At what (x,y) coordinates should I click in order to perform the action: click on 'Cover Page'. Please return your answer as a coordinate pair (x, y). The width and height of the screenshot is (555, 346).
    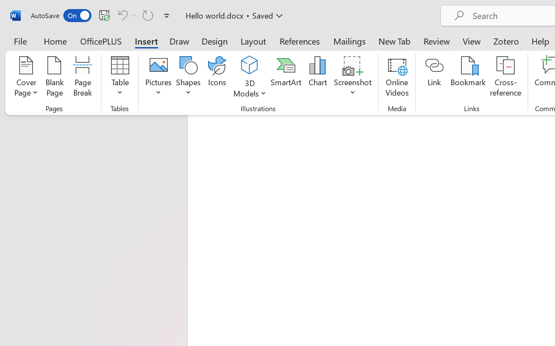
    Looking at the image, I should click on (26, 77).